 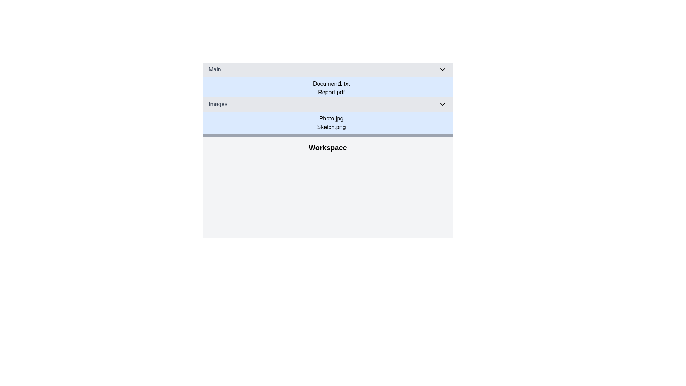 What do you see at coordinates (331, 118) in the screenshot?
I see `the first list item representing the file 'Photo.jpg' within the 'Images' dropdown` at bounding box center [331, 118].